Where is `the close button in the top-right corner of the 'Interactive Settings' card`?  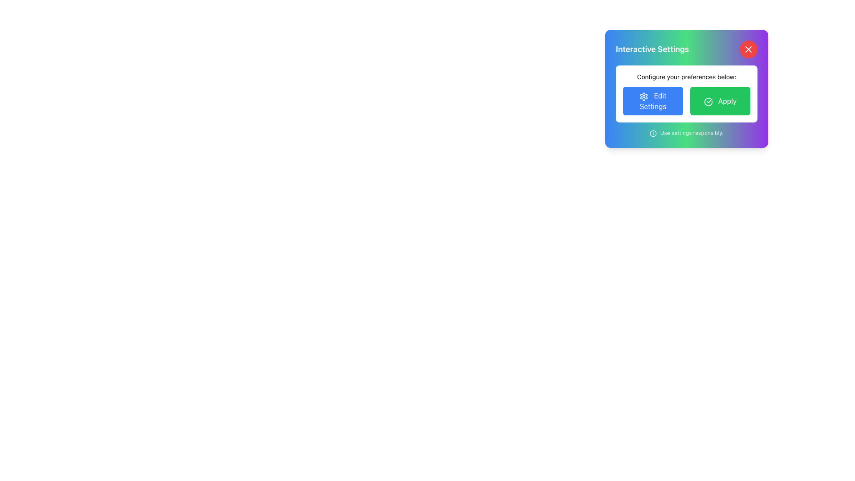
the close button in the top-right corner of the 'Interactive Settings' card is located at coordinates (748, 49).